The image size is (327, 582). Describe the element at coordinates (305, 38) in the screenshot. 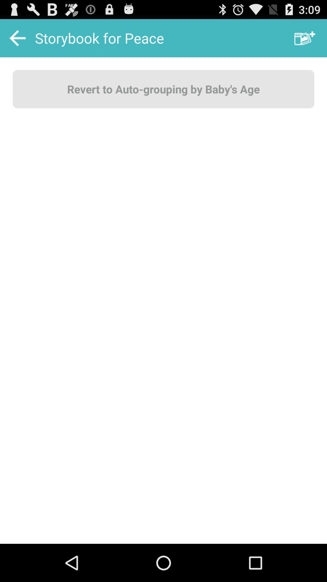

I see `icon next to the storybook for peace icon` at that location.